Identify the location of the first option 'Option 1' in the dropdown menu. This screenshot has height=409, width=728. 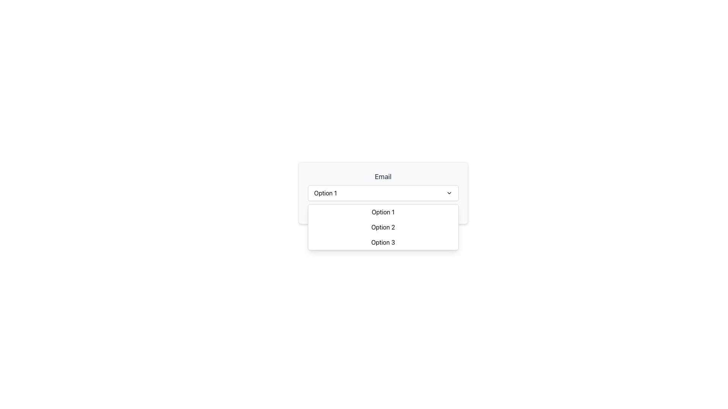
(395, 211).